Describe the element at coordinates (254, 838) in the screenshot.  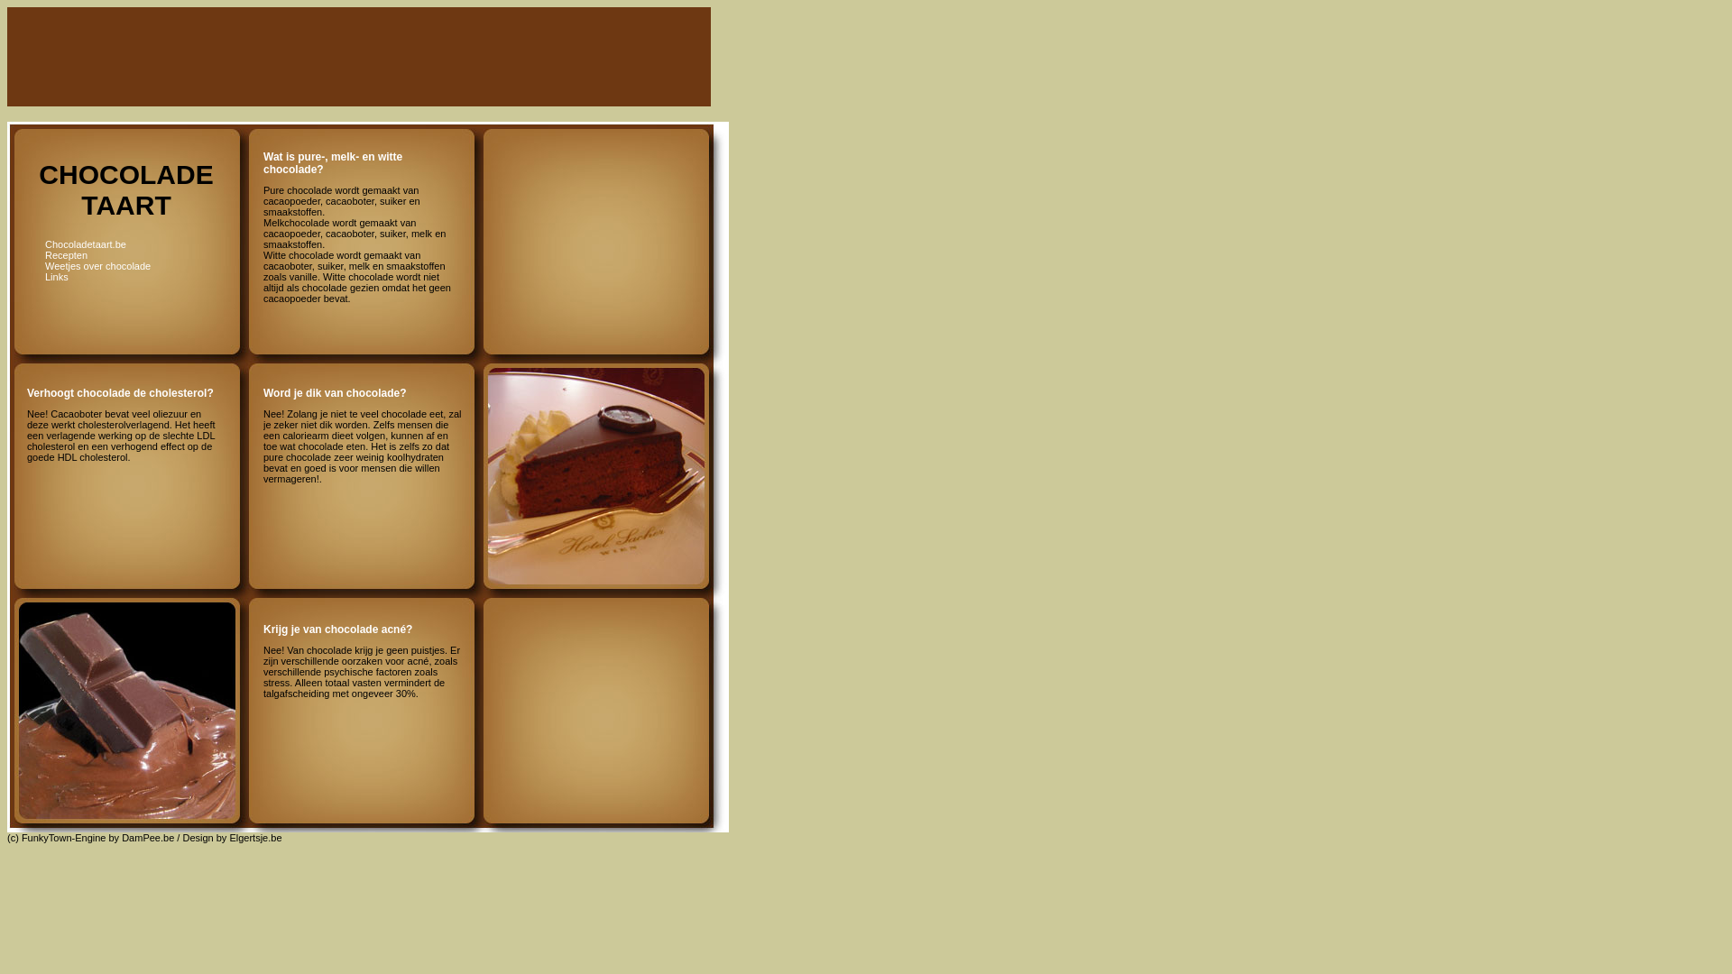
I see `'Elgertsje.be'` at that location.